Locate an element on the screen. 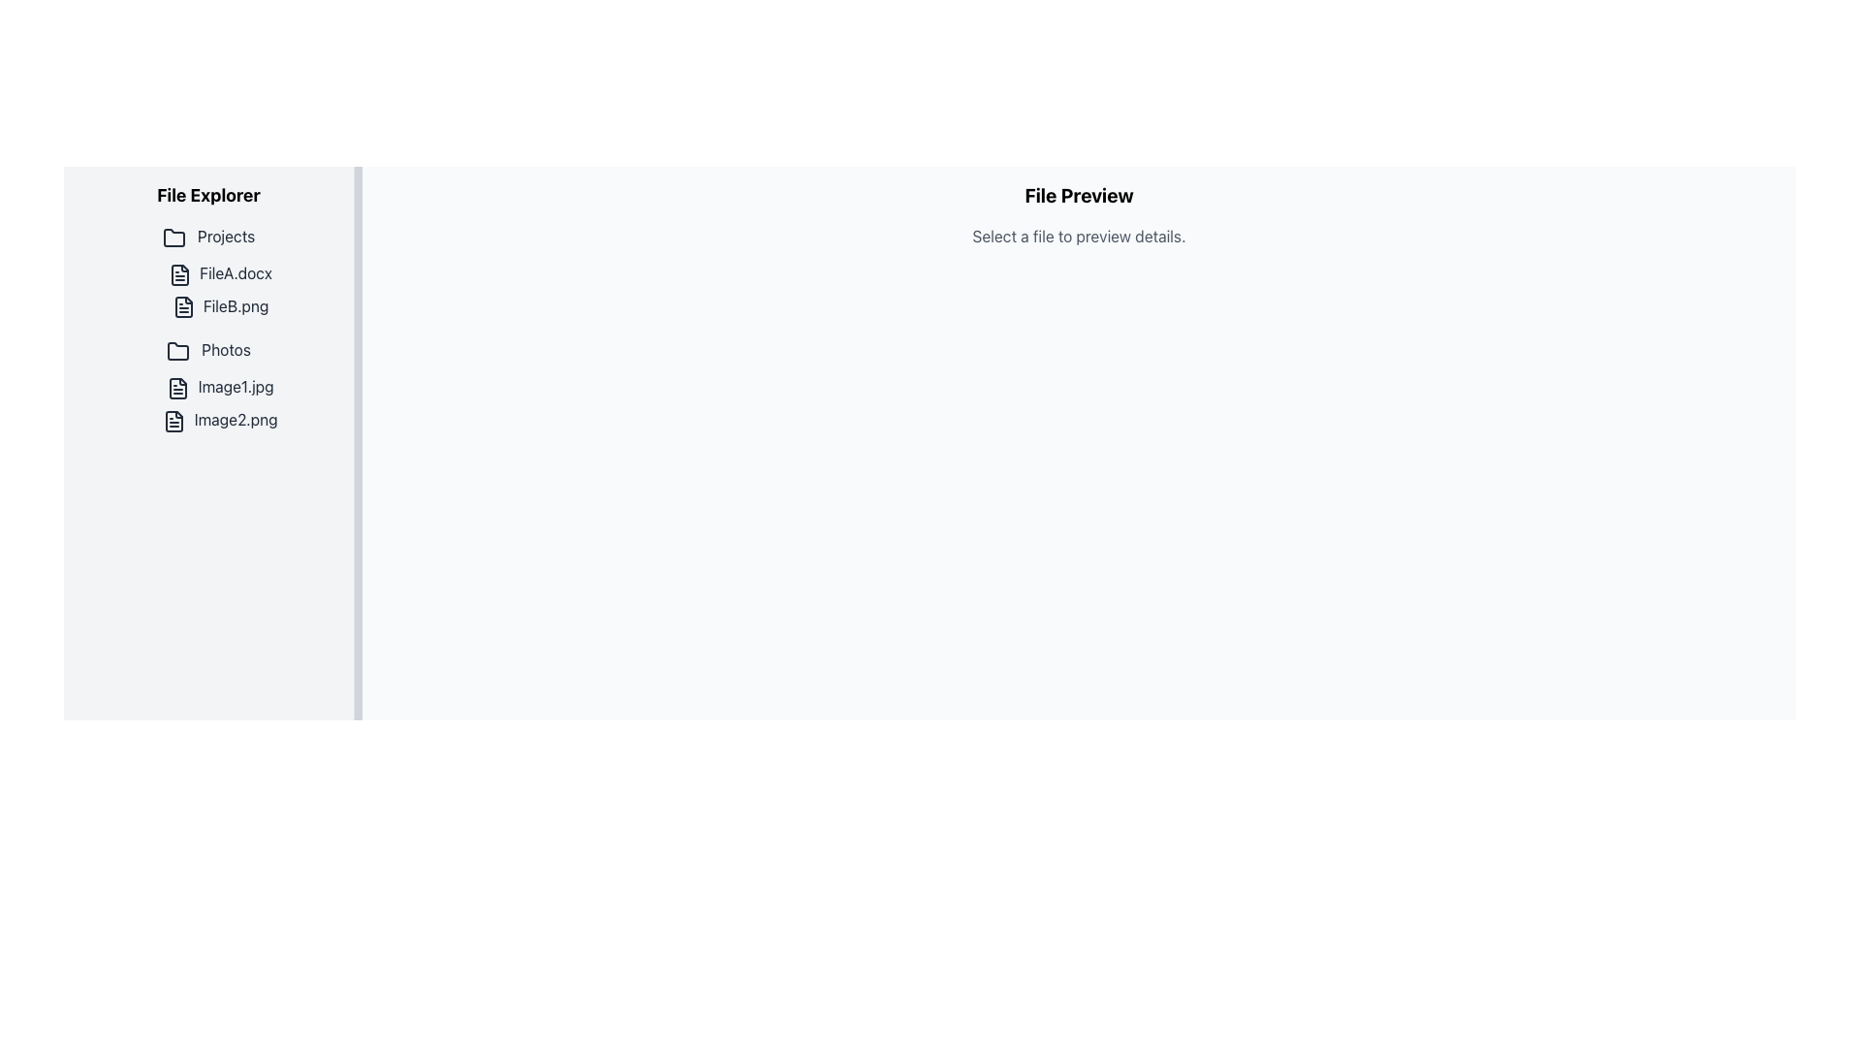 This screenshot has width=1861, height=1047. the individual list item labeled 'FileA.docx' or 'FileB.png' within the 'Projects' list item group in the File Explorer section is located at coordinates (208, 330).